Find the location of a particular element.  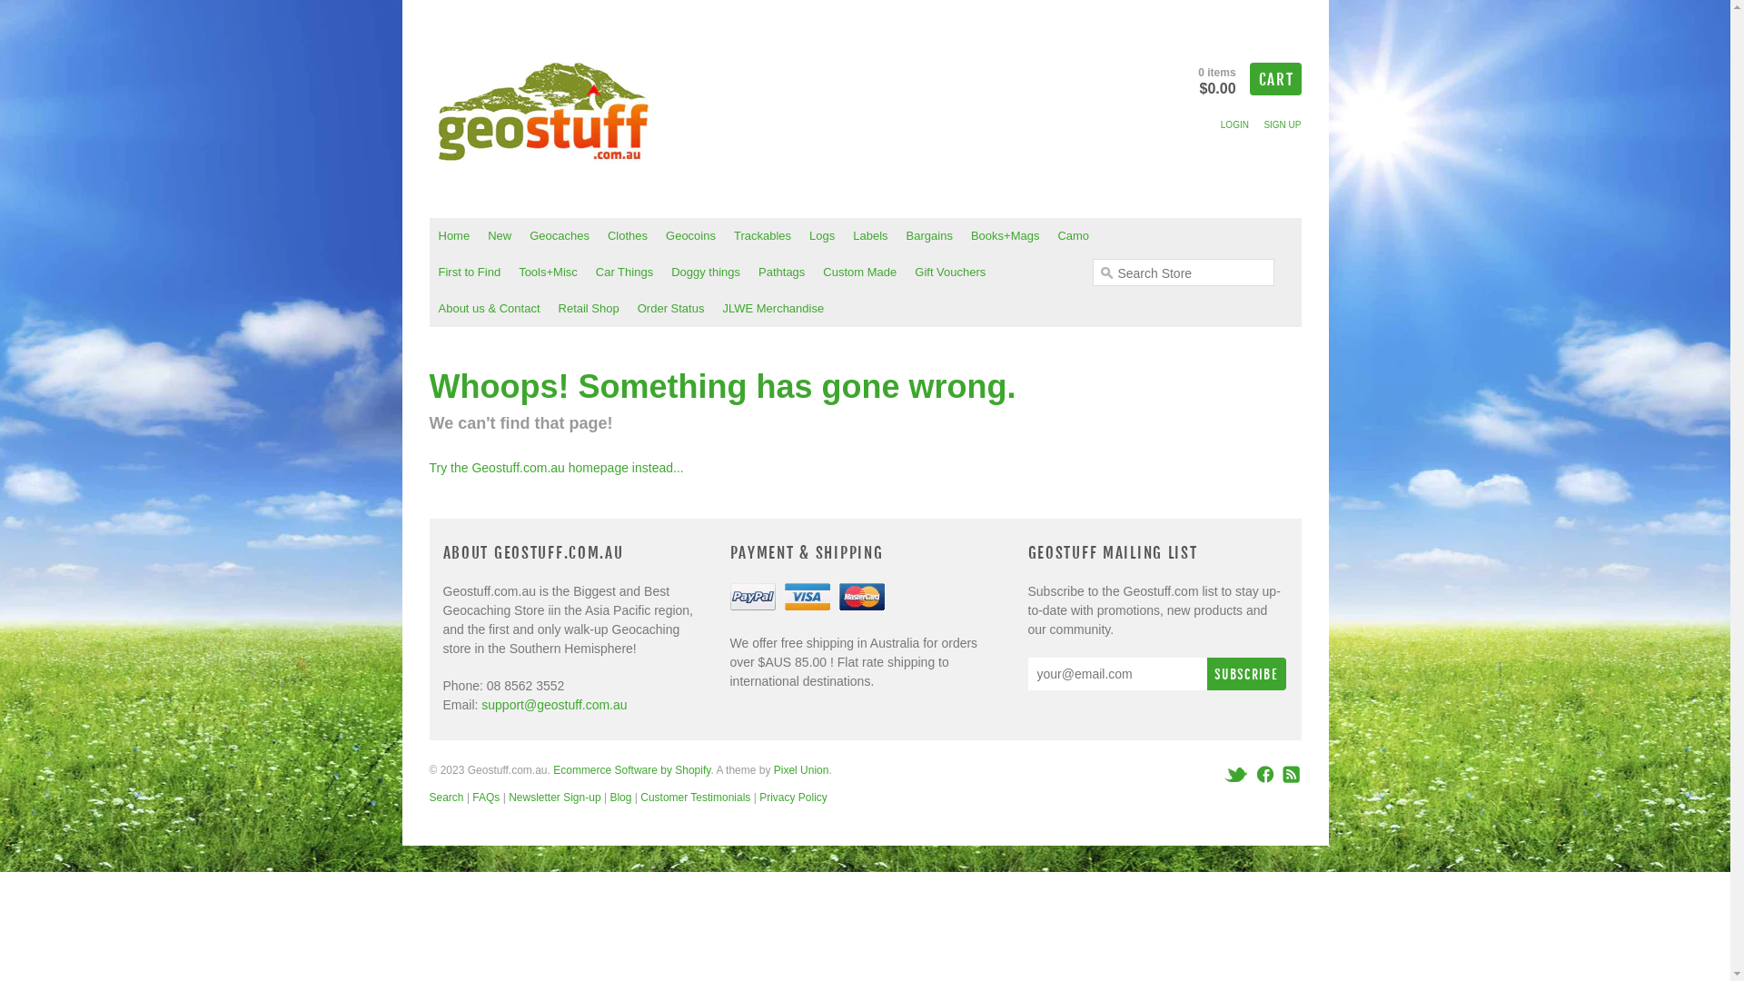

'First to Find' is located at coordinates (469, 272).